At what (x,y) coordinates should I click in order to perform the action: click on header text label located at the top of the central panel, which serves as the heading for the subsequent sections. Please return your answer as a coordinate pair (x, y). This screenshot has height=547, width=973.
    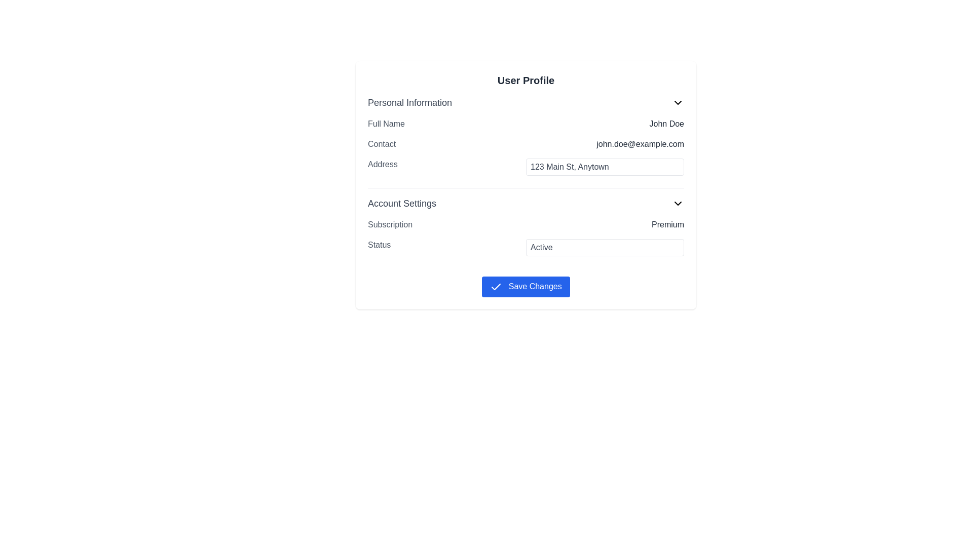
    Looking at the image, I should click on (526, 80).